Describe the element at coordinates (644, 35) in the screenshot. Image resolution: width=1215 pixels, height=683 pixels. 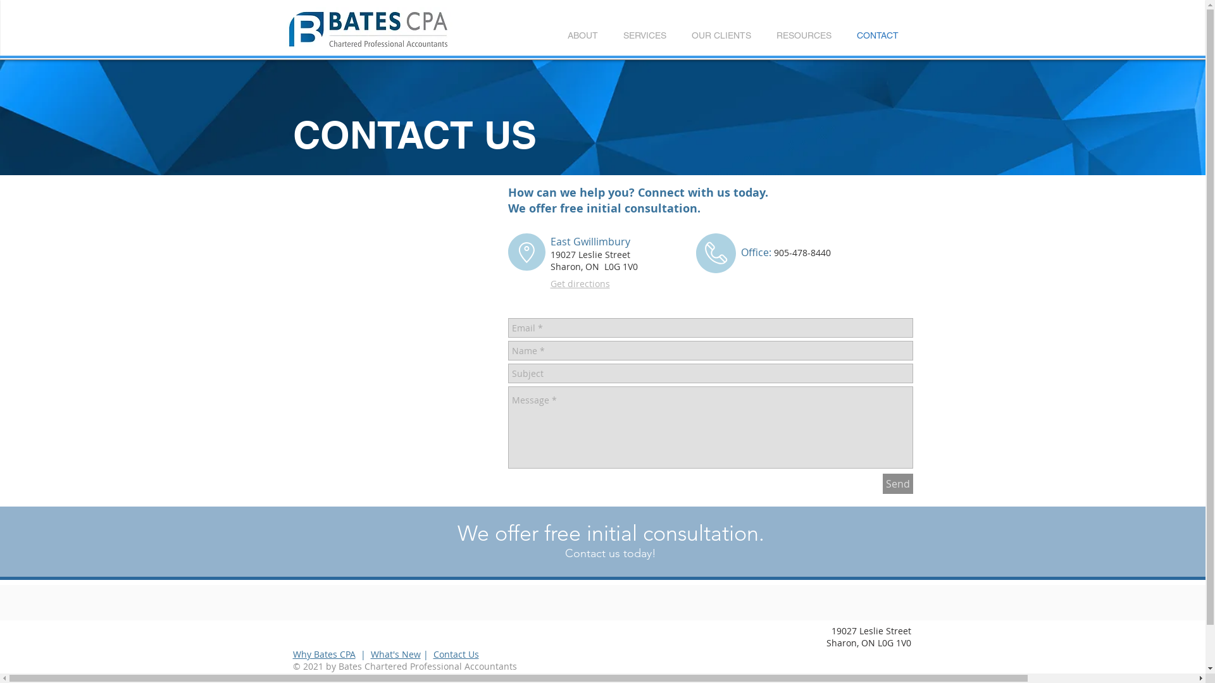
I see `'SERVICES'` at that location.